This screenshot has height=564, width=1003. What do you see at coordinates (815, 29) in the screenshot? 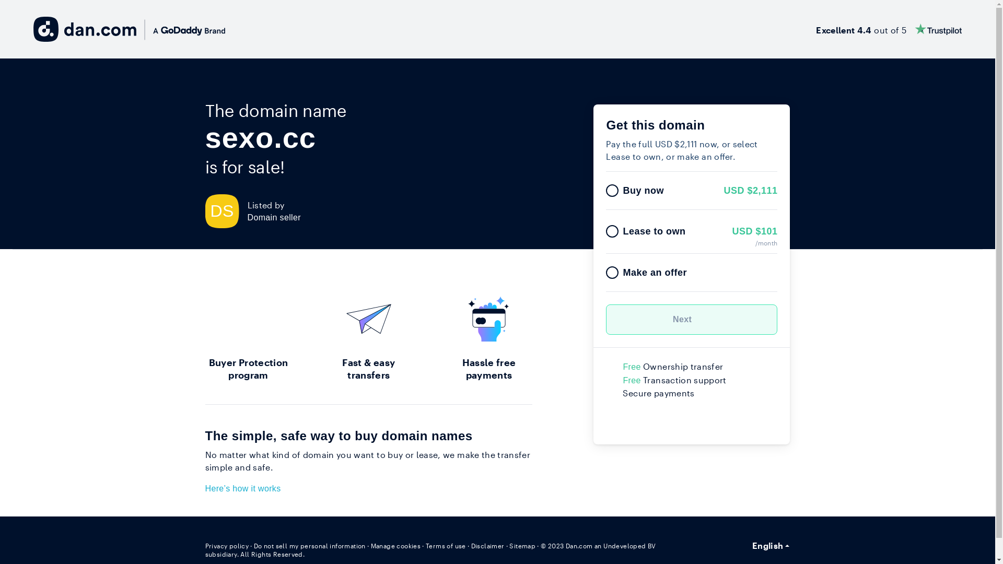
I see `'Excellent 4.4 out of 5'` at bounding box center [815, 29].